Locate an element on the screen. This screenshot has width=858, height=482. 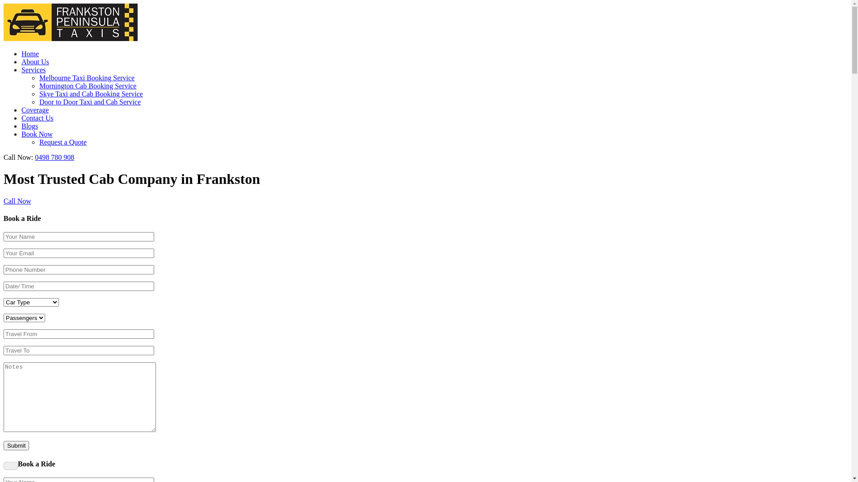
'Book Now' is located at coordinates (36, 134).